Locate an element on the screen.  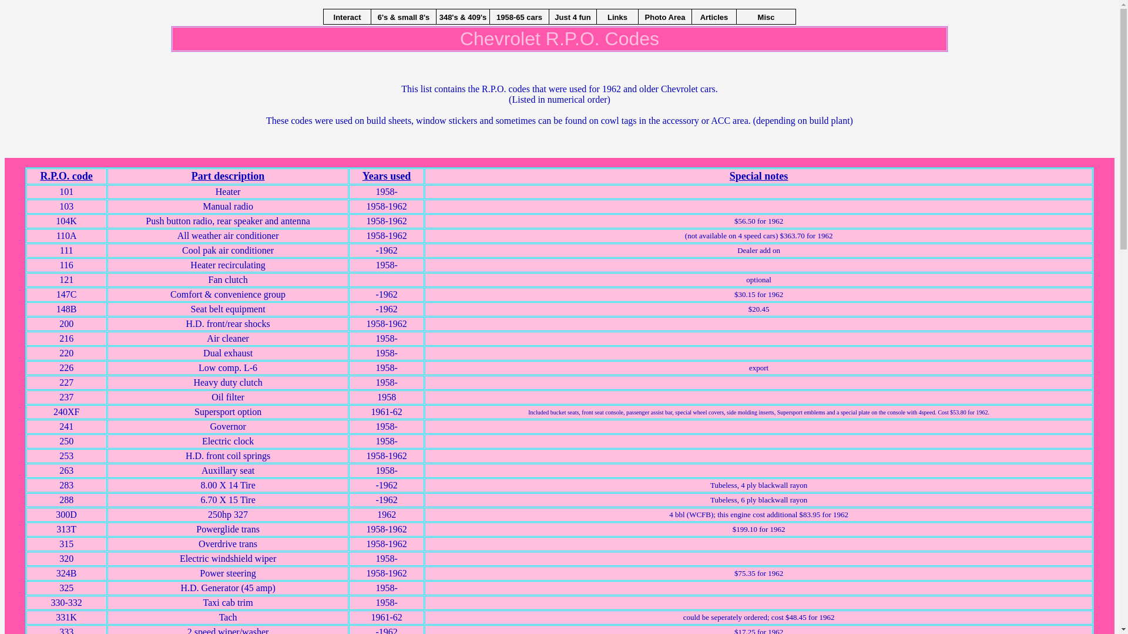
'6's & small 8's' is located at coordinates (403, 16).